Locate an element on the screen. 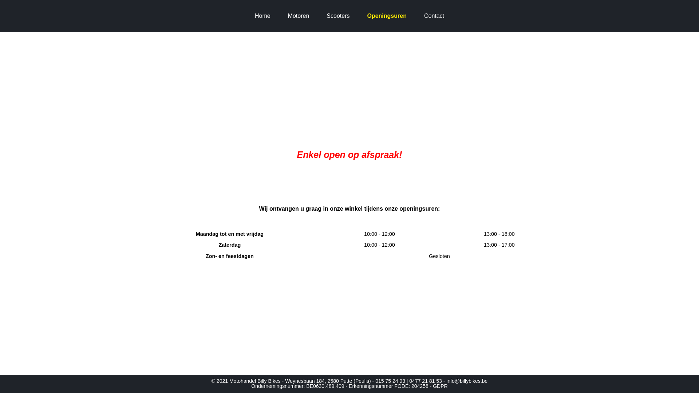  'Motoren' is located at coordinates (299, 16).